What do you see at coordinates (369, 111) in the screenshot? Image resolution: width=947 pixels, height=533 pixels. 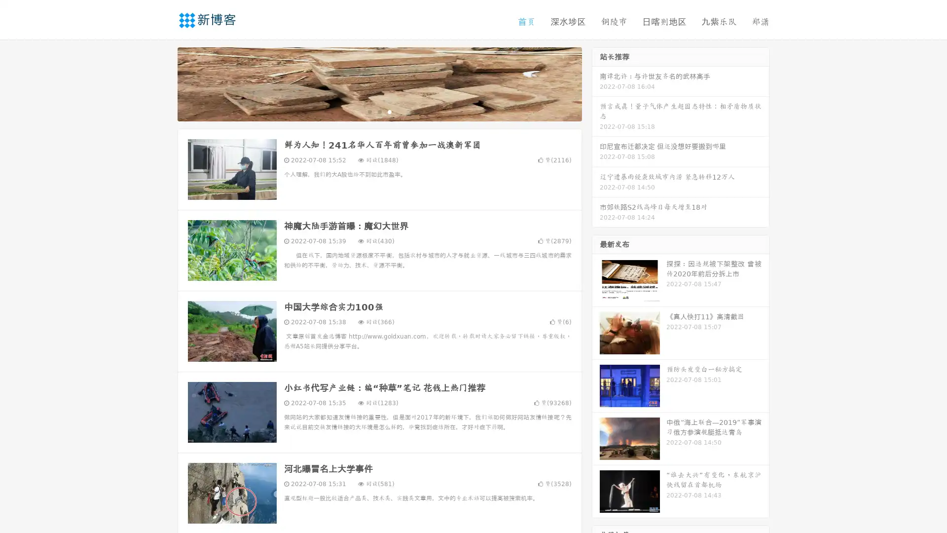 I see `Go to slide 1` at bounding box center [369, 111].